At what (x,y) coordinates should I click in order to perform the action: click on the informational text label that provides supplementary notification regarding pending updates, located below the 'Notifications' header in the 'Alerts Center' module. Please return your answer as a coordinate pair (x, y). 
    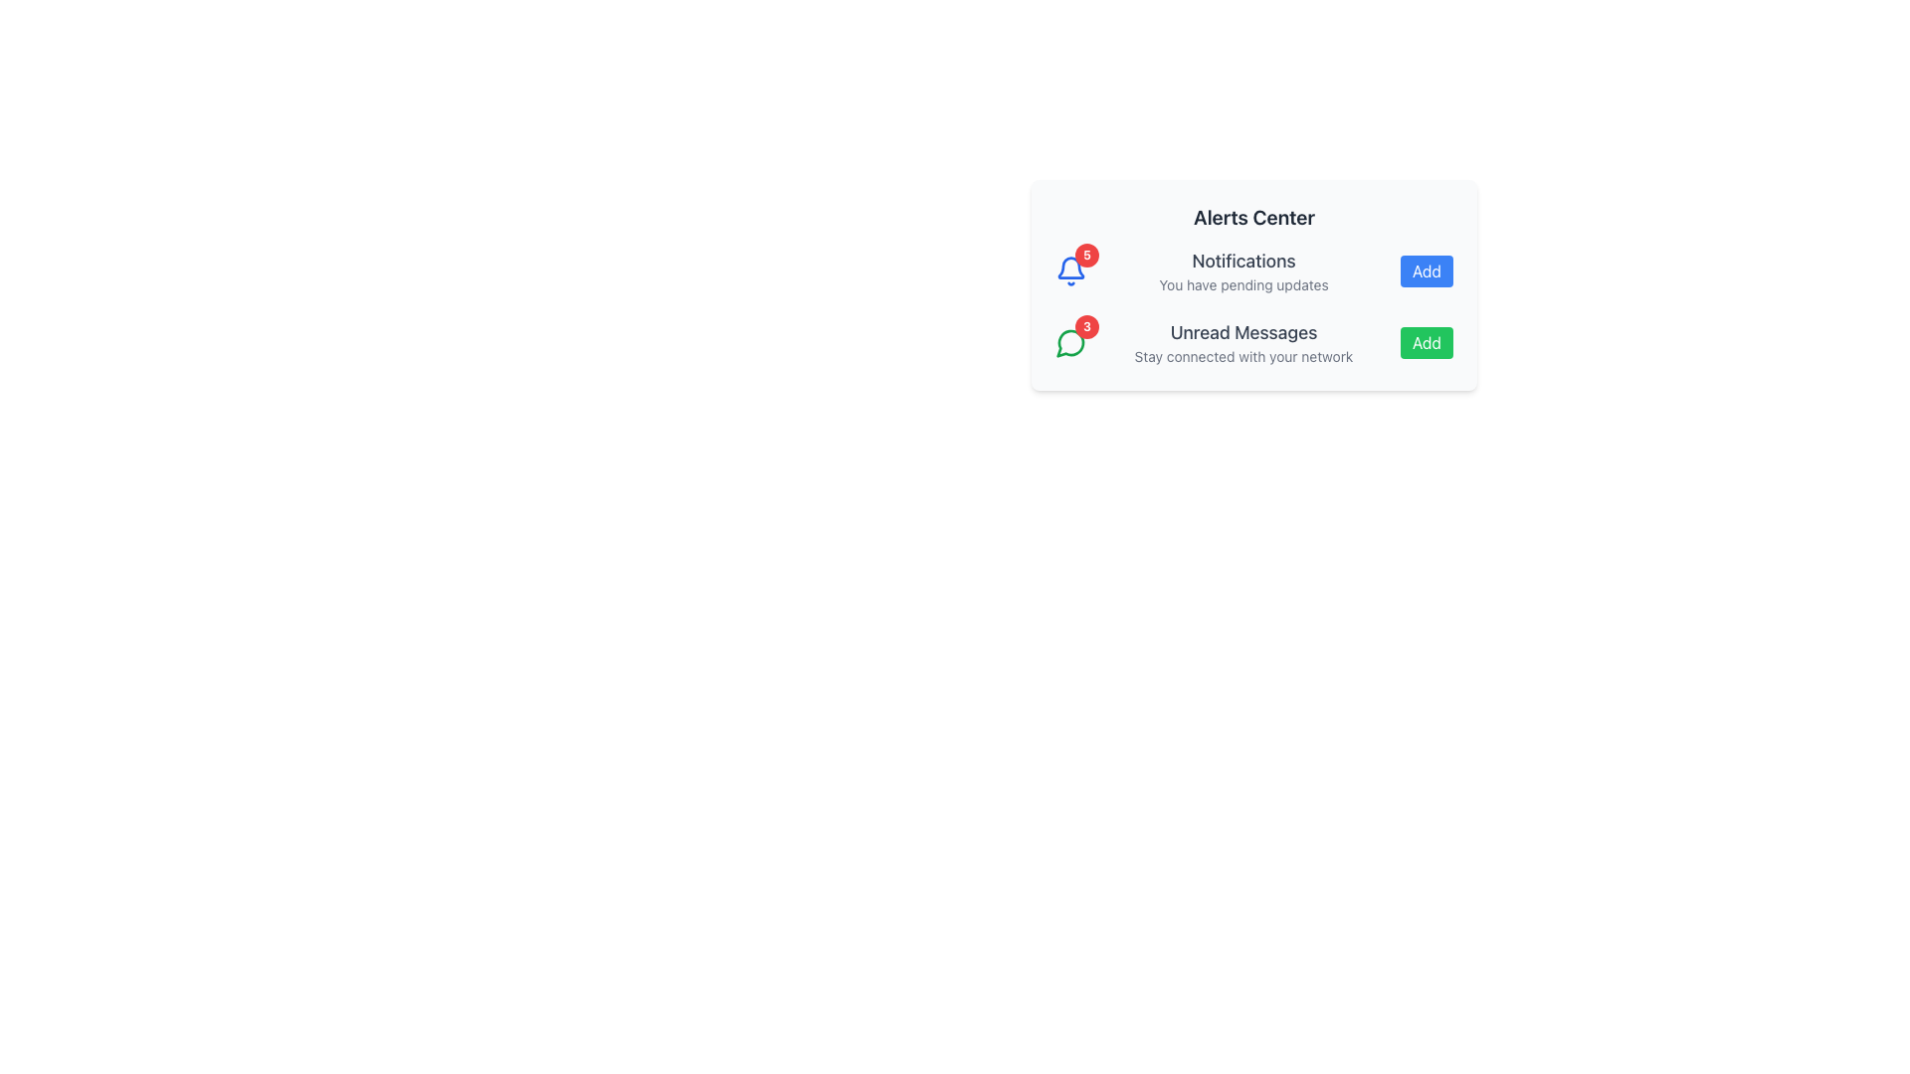
    Looking at the image, I should click on (1242, 284).